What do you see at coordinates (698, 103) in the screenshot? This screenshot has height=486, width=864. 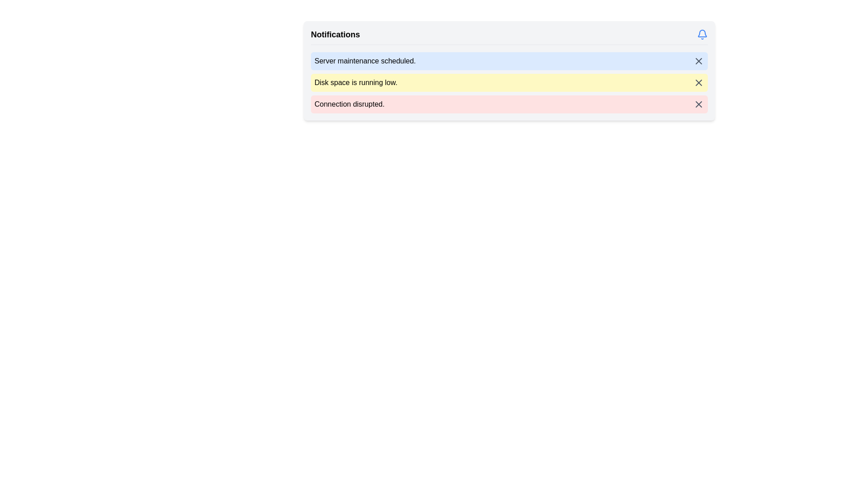 I see `the Close button (styled as an 'X' icon) located at the top-right corner of the notification banner with the 'Connection disrupted.' message` at bounding box center [698, 103].